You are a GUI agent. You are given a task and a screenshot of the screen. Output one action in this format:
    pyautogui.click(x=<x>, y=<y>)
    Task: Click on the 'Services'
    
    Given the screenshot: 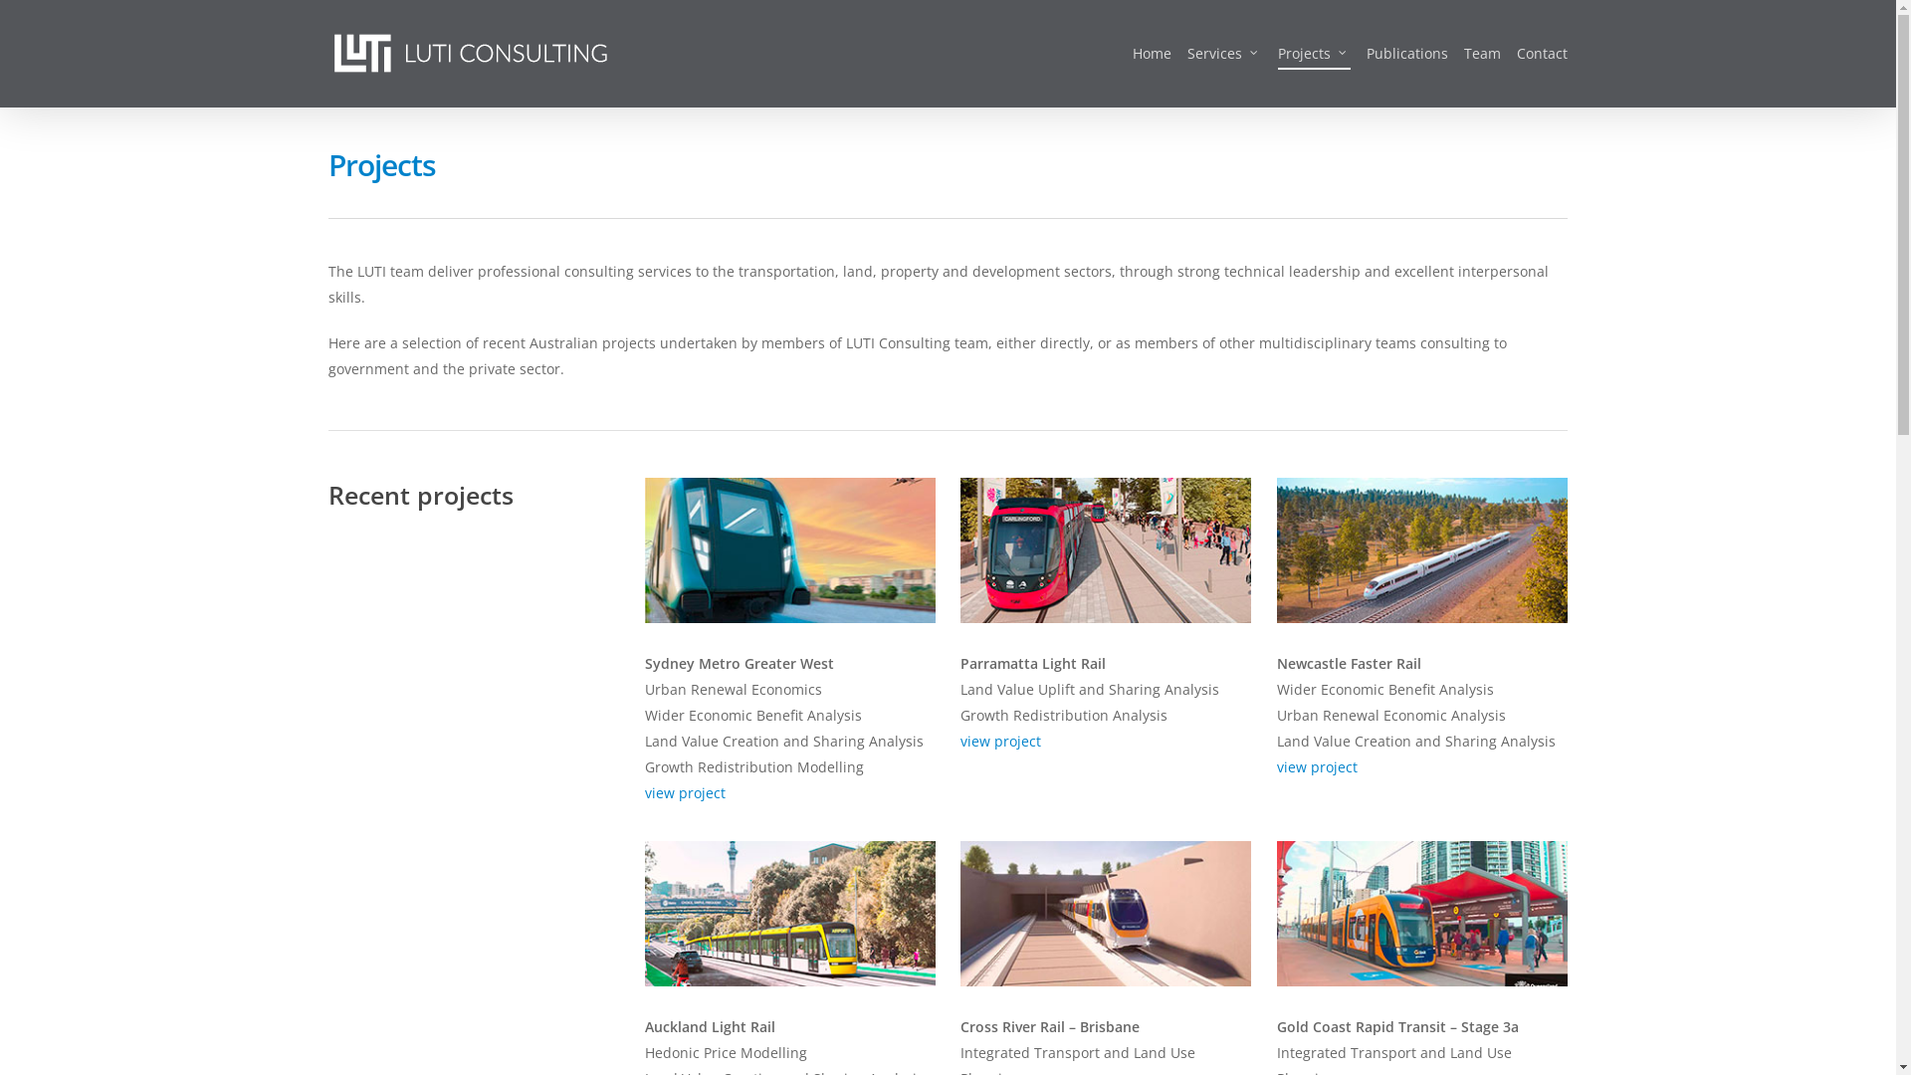 What is the action you would take?
    pyautogui.click(x=1187, y=53)
    